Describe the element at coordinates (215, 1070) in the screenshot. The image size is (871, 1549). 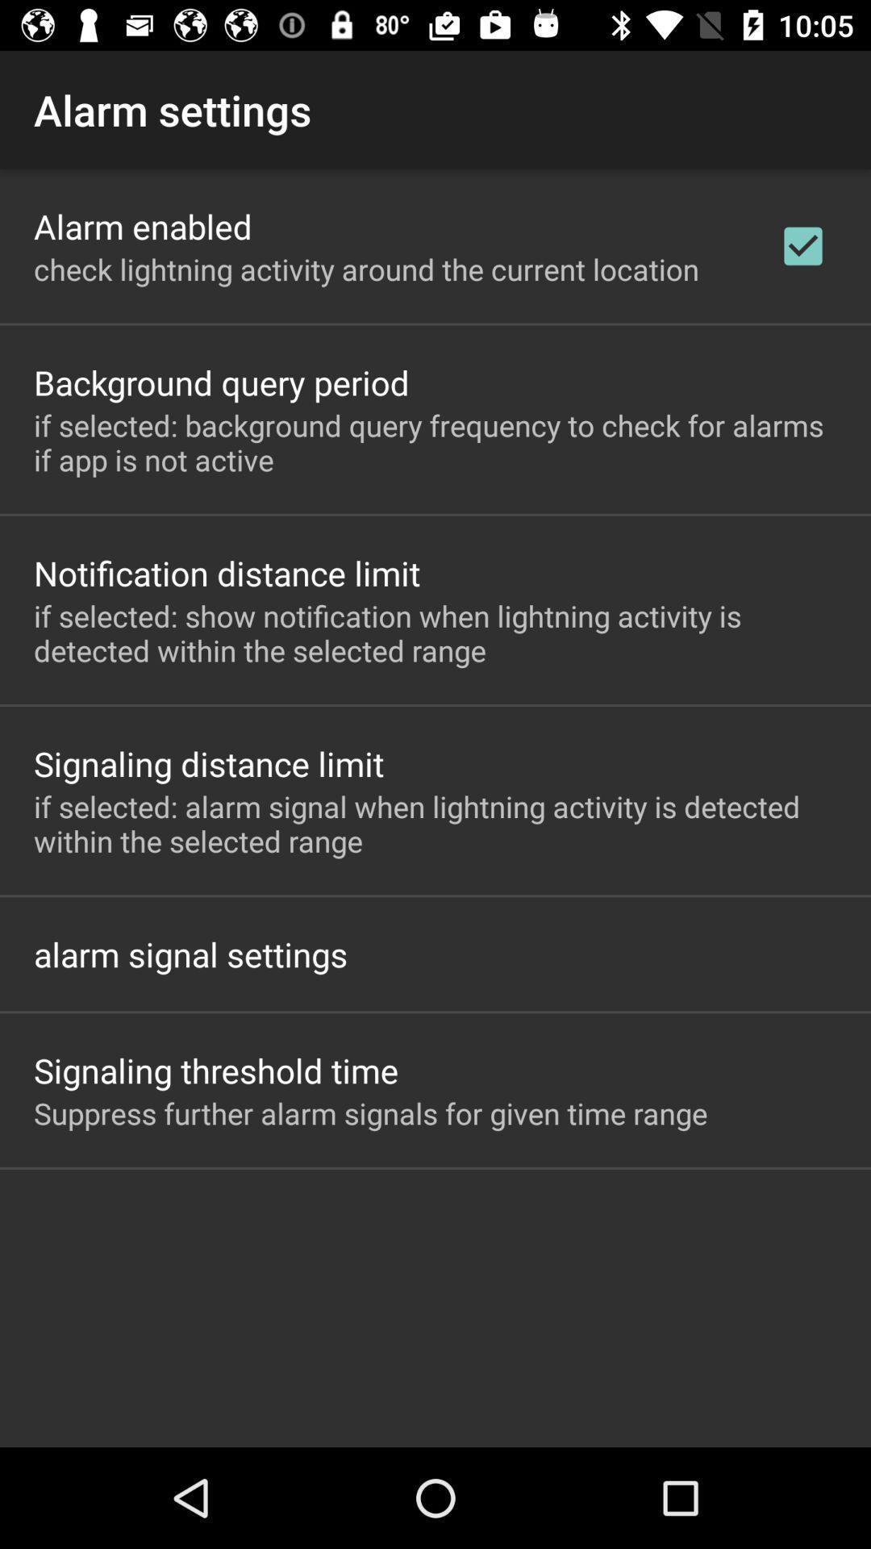
I see `signaling threshold time at the bottom left corner` at that location.